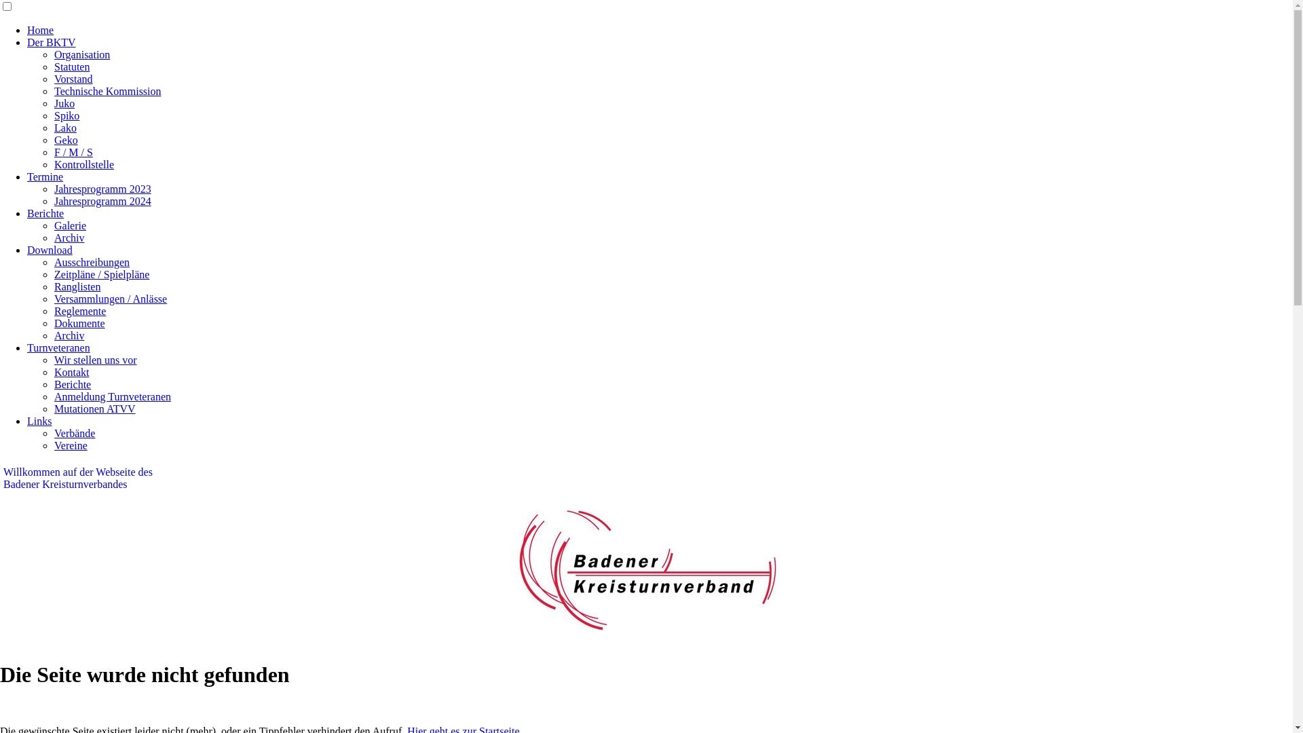  I want to click on 'Wir stellen uns vor', so click(94, 359).